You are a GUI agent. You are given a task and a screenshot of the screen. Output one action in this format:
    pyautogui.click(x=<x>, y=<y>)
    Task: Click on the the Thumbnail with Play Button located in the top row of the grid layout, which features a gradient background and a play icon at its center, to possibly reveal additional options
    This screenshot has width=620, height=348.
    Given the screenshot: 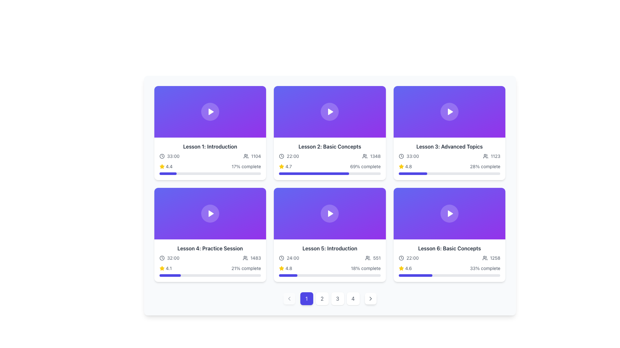 What is the action you would take?
    pyautogui.click(x=330, y=111)
    